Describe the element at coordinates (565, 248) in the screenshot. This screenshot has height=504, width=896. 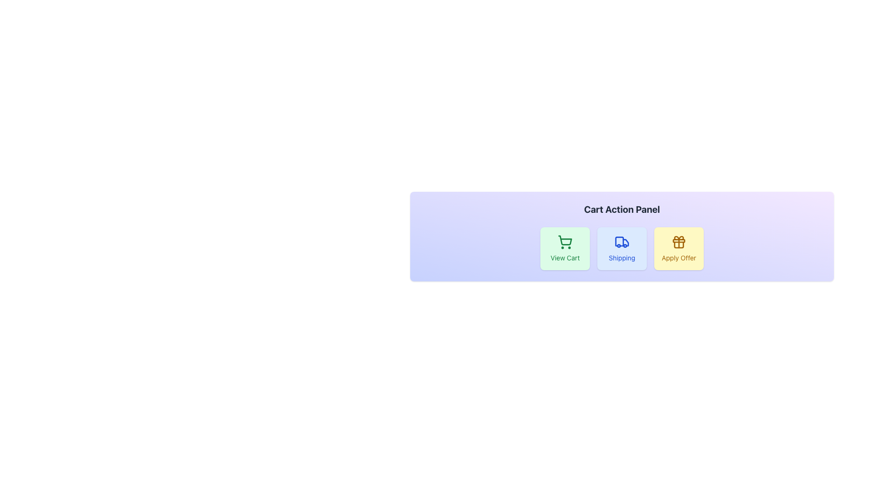
I see `the 'View Cart' button, which is the first button in a horizontal group of three buttons, featuring a light green background, a shopping cart icon, and green text below the icon` at that location.